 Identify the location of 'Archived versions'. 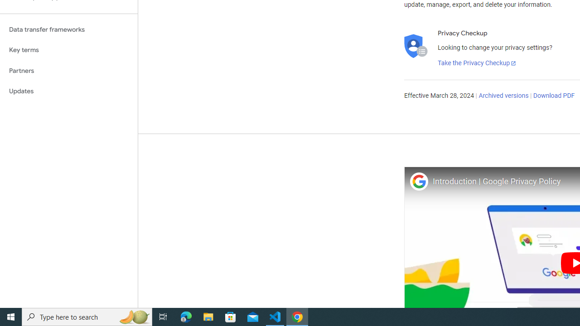
(503, 96).